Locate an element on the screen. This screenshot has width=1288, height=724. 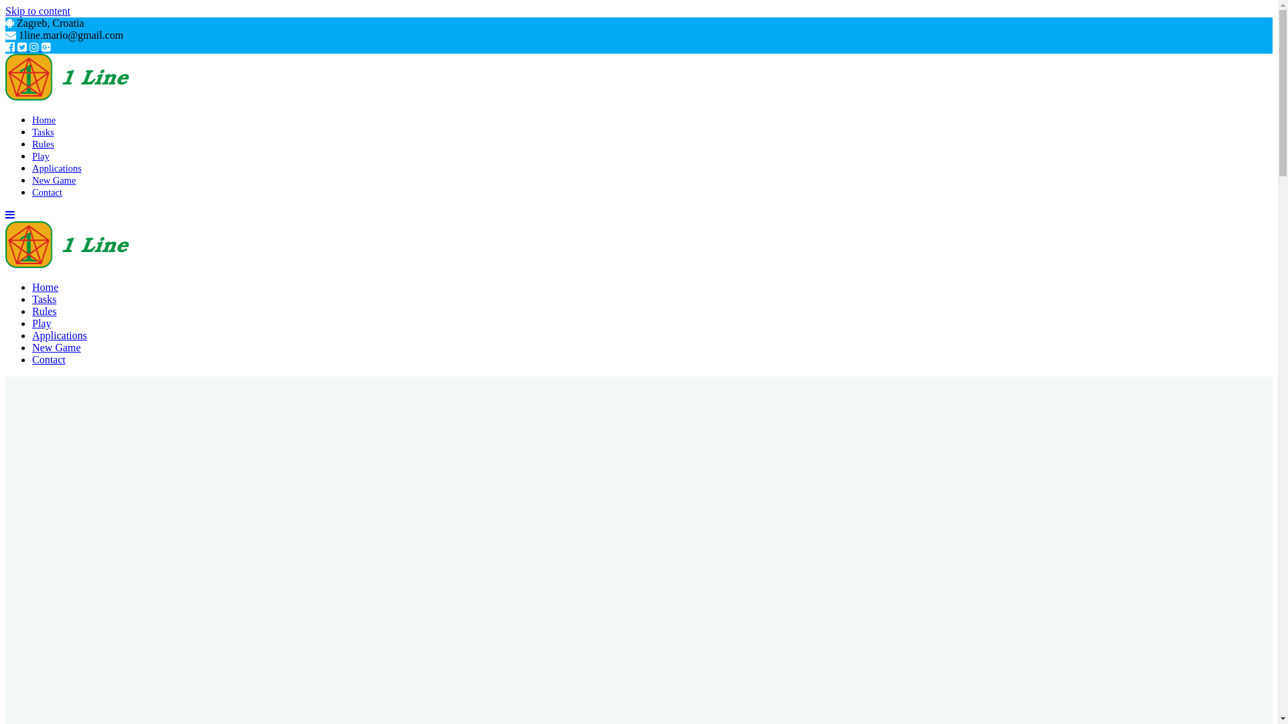
'Home' is located at coordinates (44, 119).